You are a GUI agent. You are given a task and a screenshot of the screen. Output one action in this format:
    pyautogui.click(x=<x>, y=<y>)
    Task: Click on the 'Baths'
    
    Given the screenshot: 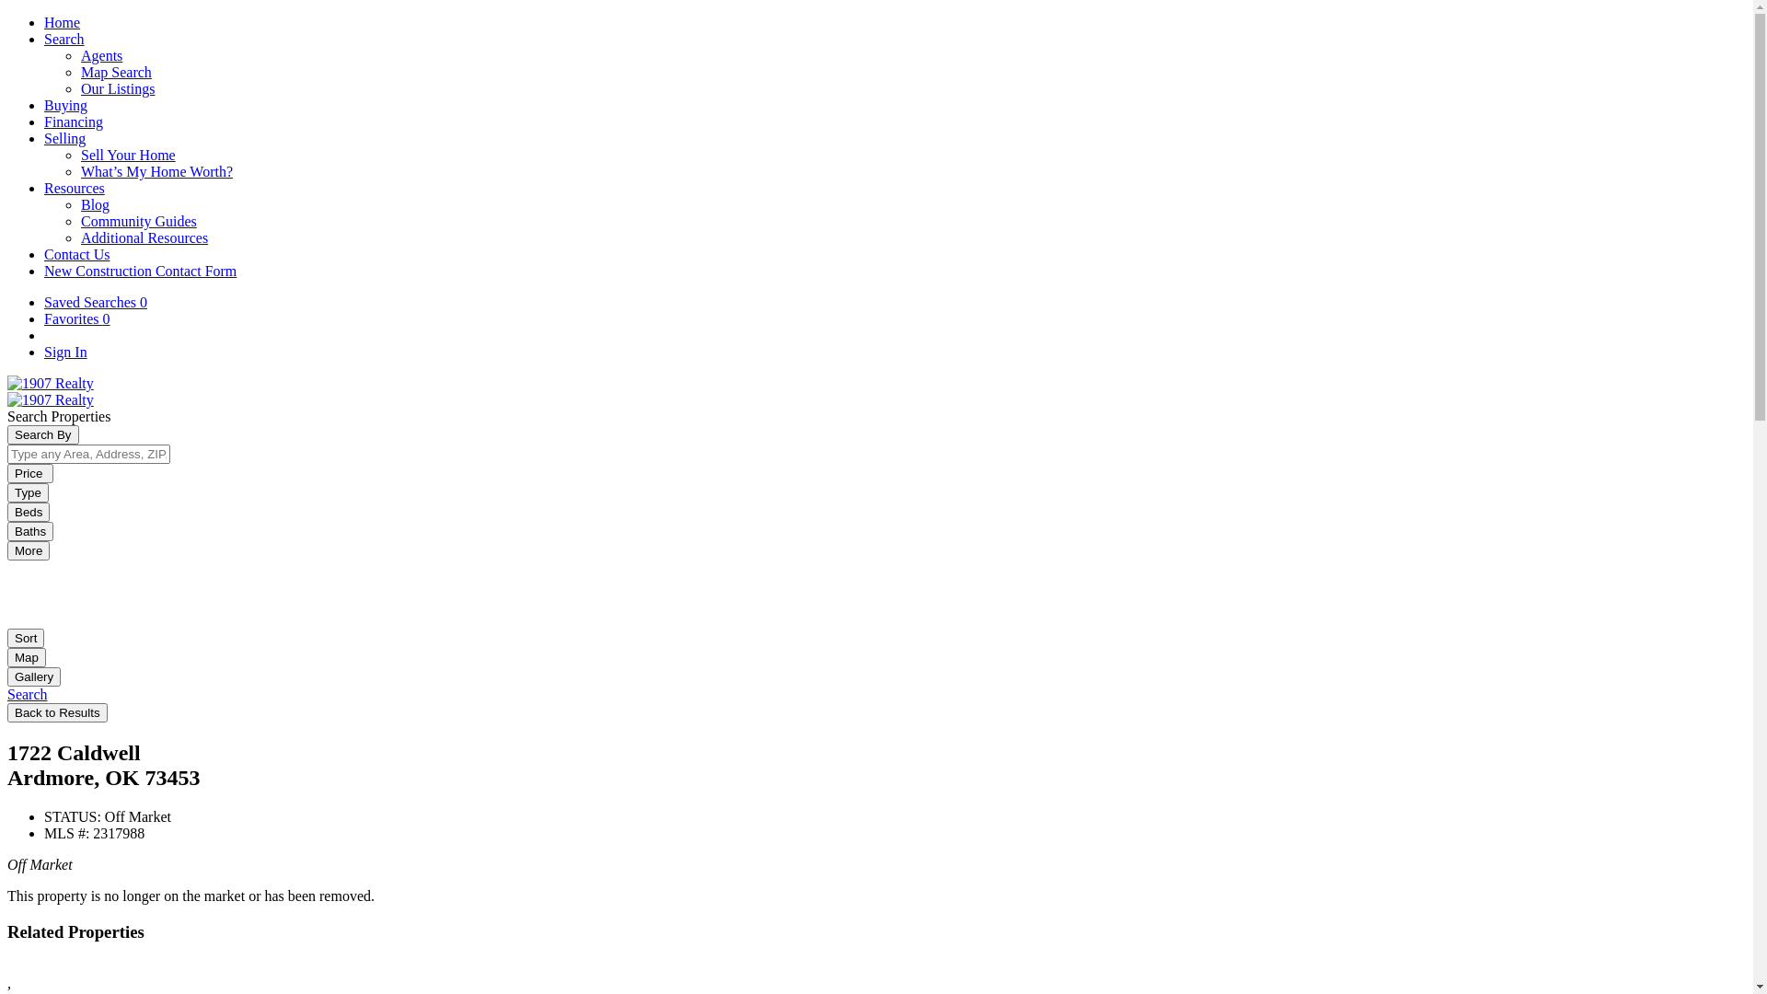 What is the action you would take?
    pyautogui.click(x=30, y=531)
    